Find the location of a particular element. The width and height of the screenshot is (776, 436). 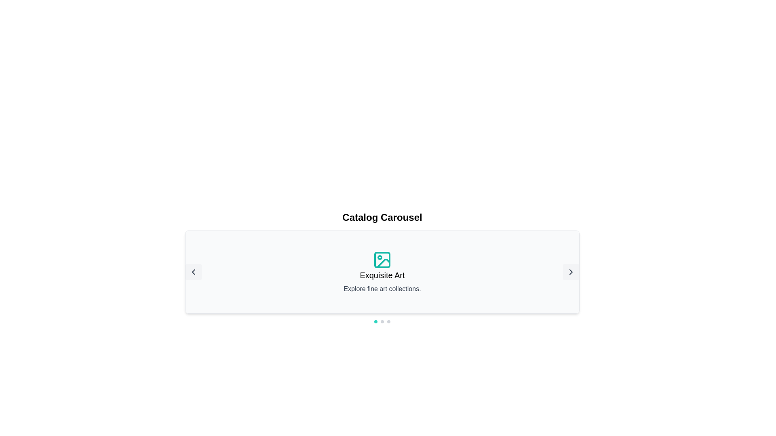

the right-facing arrow icon, which is a thin stroke chevron shape located at the right side of the carousel component, serving as the right navigation button is located at coordinates (570, 272).